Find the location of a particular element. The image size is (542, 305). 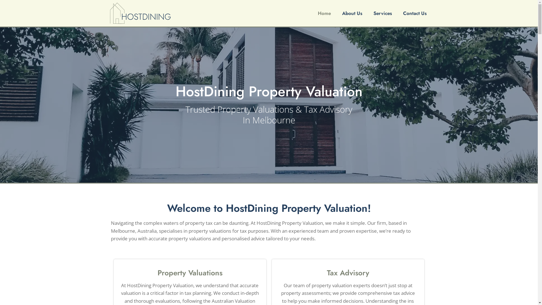

'Contact Us' is located at coordinates (400, 13).